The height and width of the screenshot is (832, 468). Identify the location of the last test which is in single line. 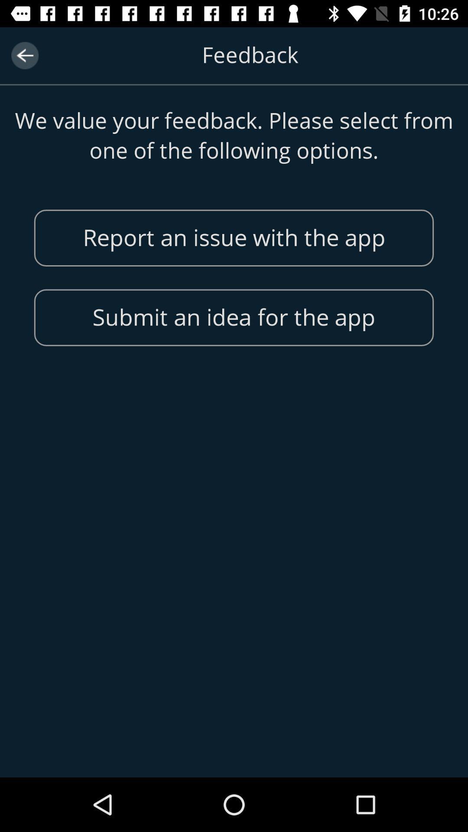
(234, 317).